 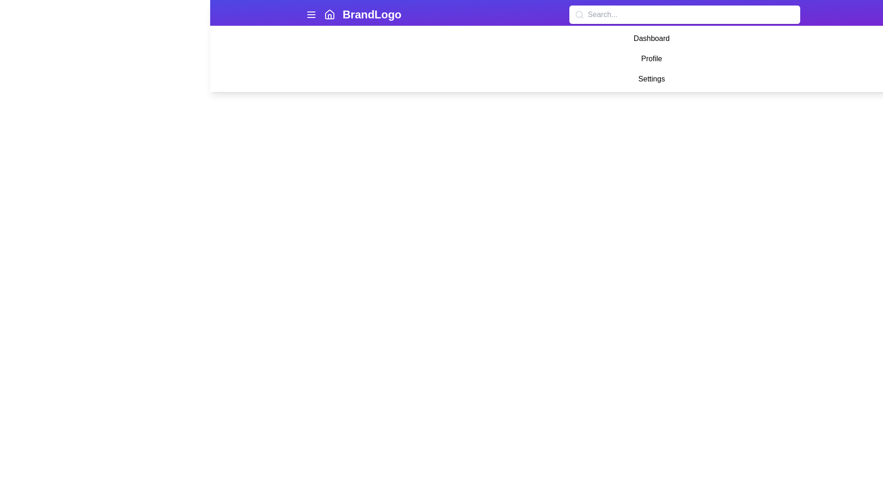 I want to click on the house-shaped icon located in the top navigation bar, adjacent to the 'BrandLogo' text, for interface recognition, so click(x=329, y=14).